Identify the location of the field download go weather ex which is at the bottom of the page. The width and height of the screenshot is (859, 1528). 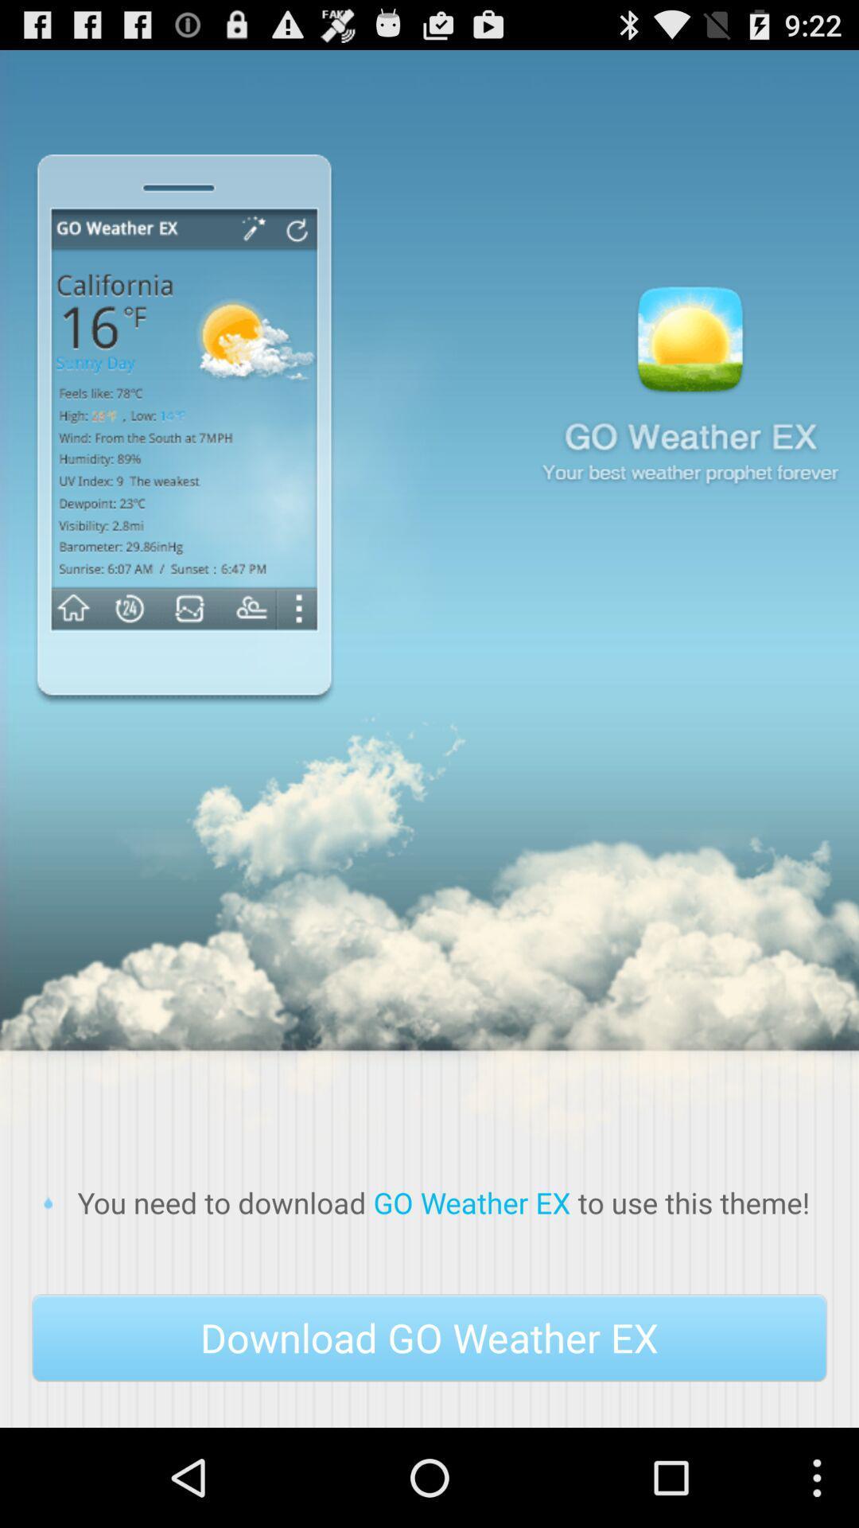
(429, 1337).